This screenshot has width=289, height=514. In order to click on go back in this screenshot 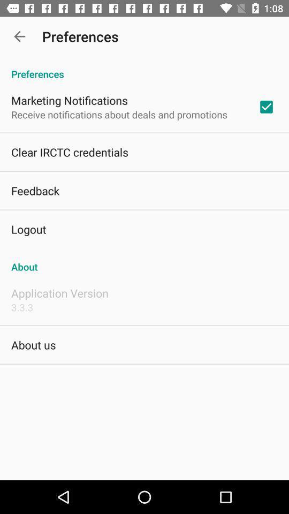, I will do `click(19, 36)`.